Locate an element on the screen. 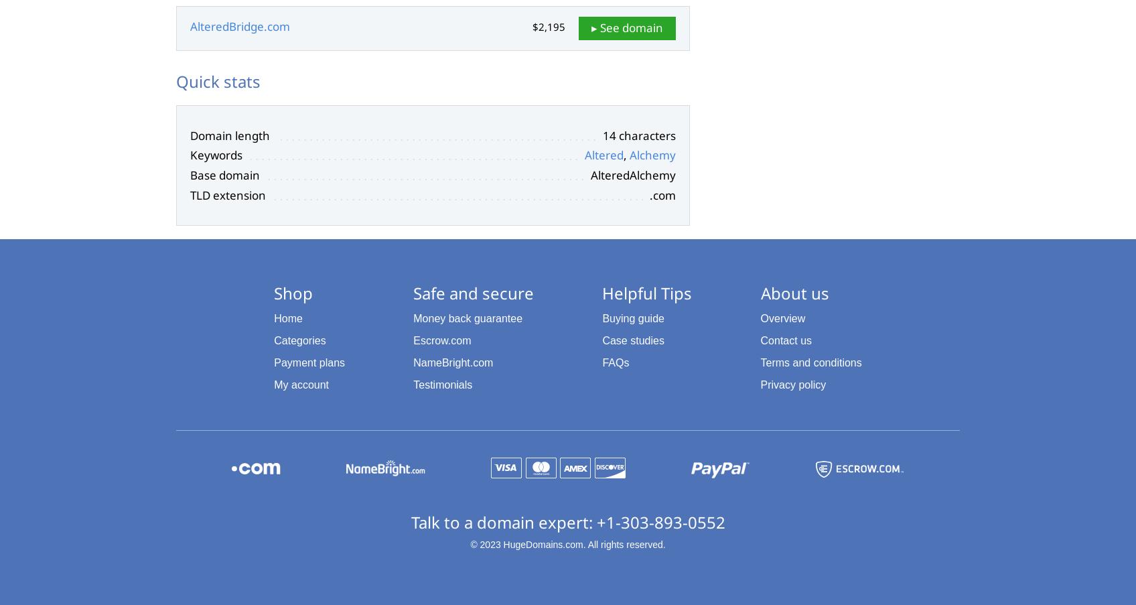  'Privacy policy' is located at coordinates (792, 383).